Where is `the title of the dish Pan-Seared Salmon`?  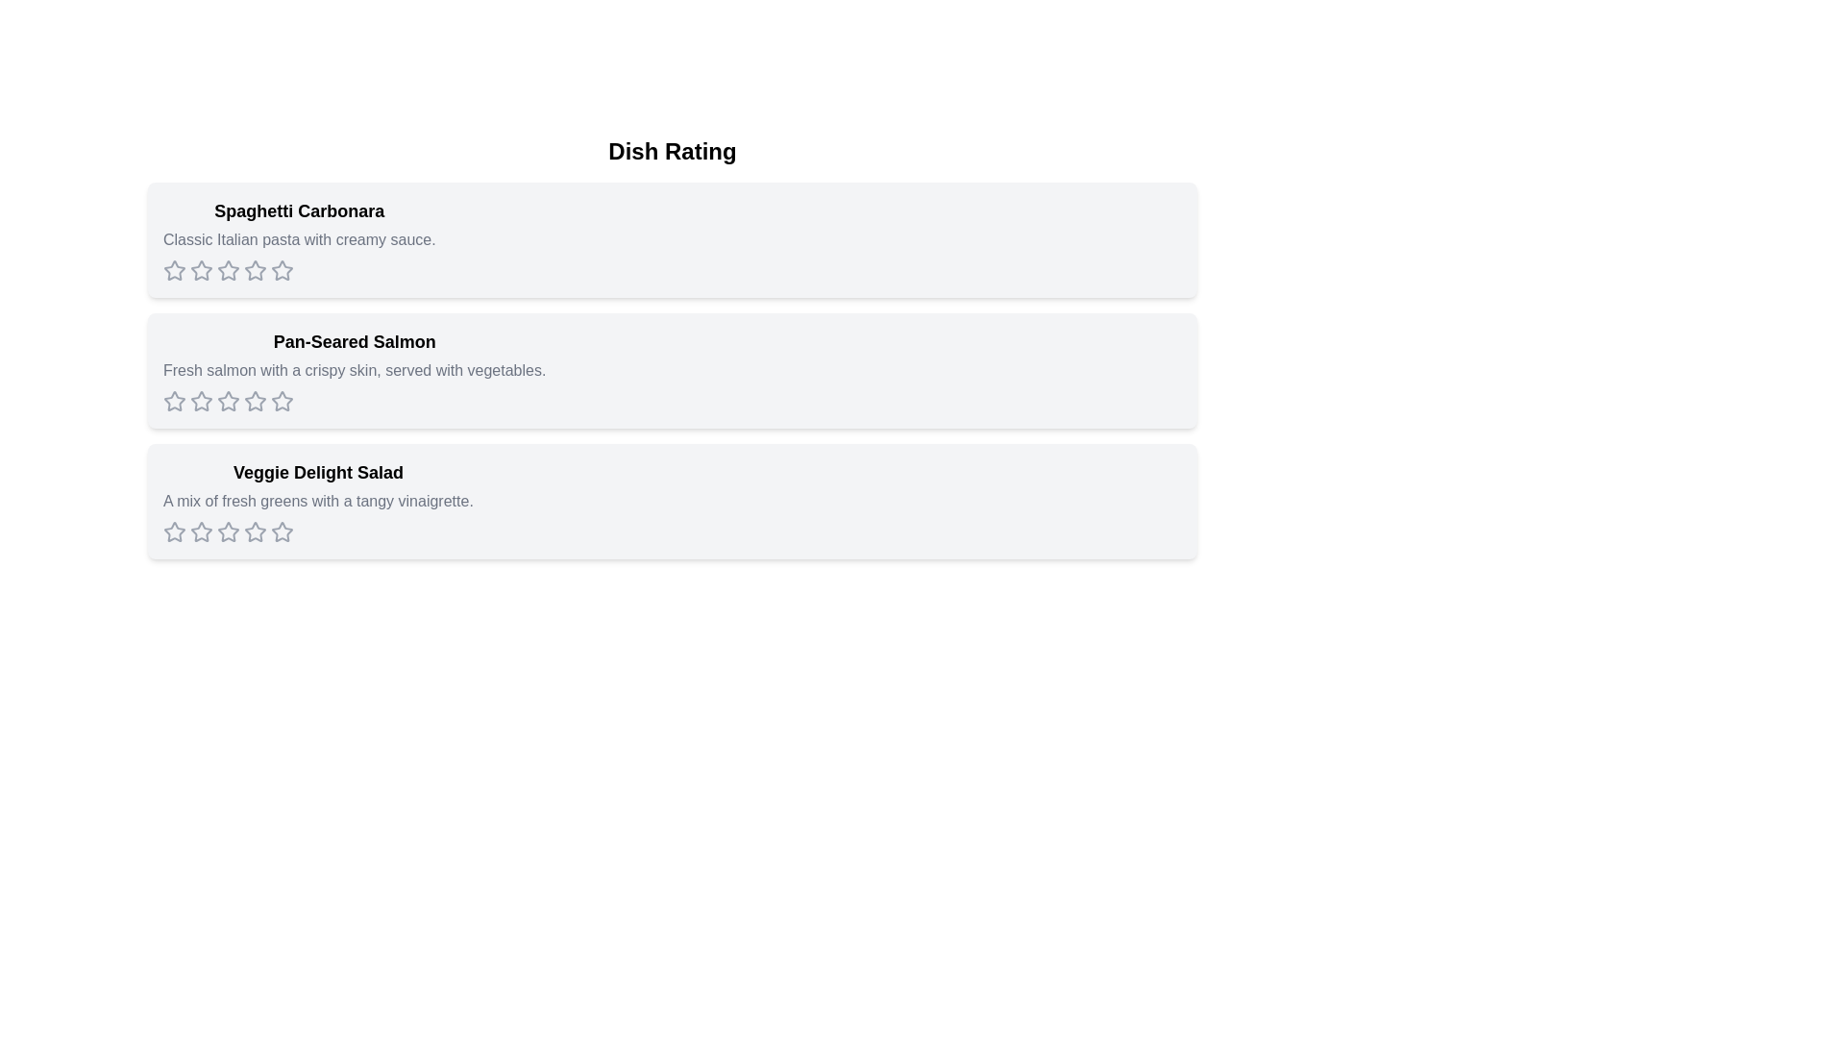 the title of the dish Pan-Seared Salmon is located at coordinates (355, 340).